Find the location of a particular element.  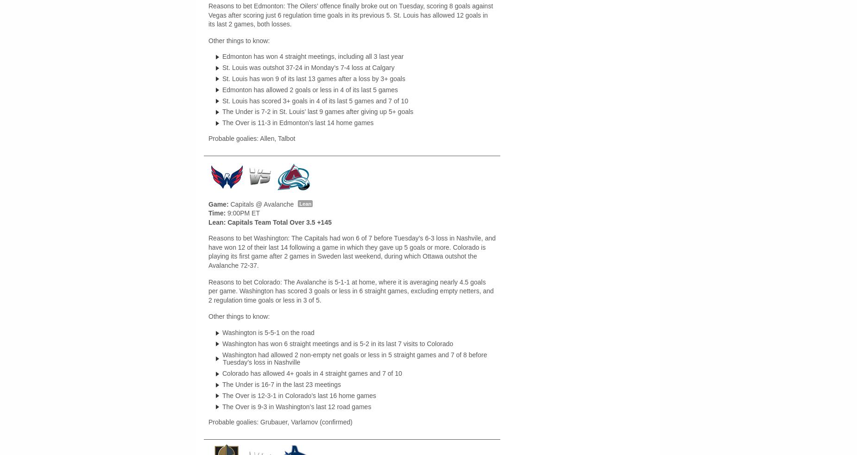

'St. Louis has scored 3+ goals in 4 of its last 5 games and 7 of 10' is located at coordinates (315, 100).